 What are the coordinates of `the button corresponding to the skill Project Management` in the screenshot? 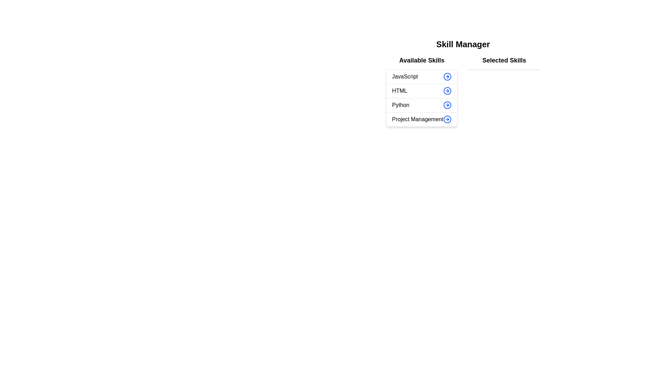 It's located at (447, 119).